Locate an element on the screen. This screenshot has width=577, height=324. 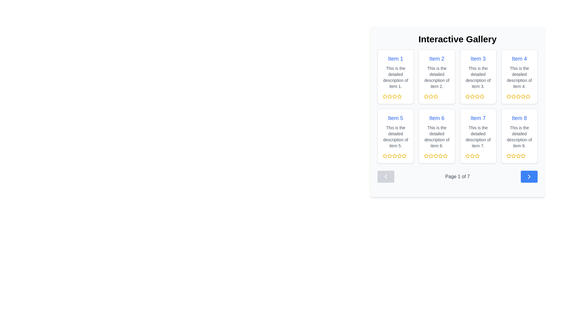
the text displaying 'Item 4' in bold blue font located on the white card with rounded corners, which is the title of the fourth card in the first row of a grid layout is located at coordinates (519, 59).